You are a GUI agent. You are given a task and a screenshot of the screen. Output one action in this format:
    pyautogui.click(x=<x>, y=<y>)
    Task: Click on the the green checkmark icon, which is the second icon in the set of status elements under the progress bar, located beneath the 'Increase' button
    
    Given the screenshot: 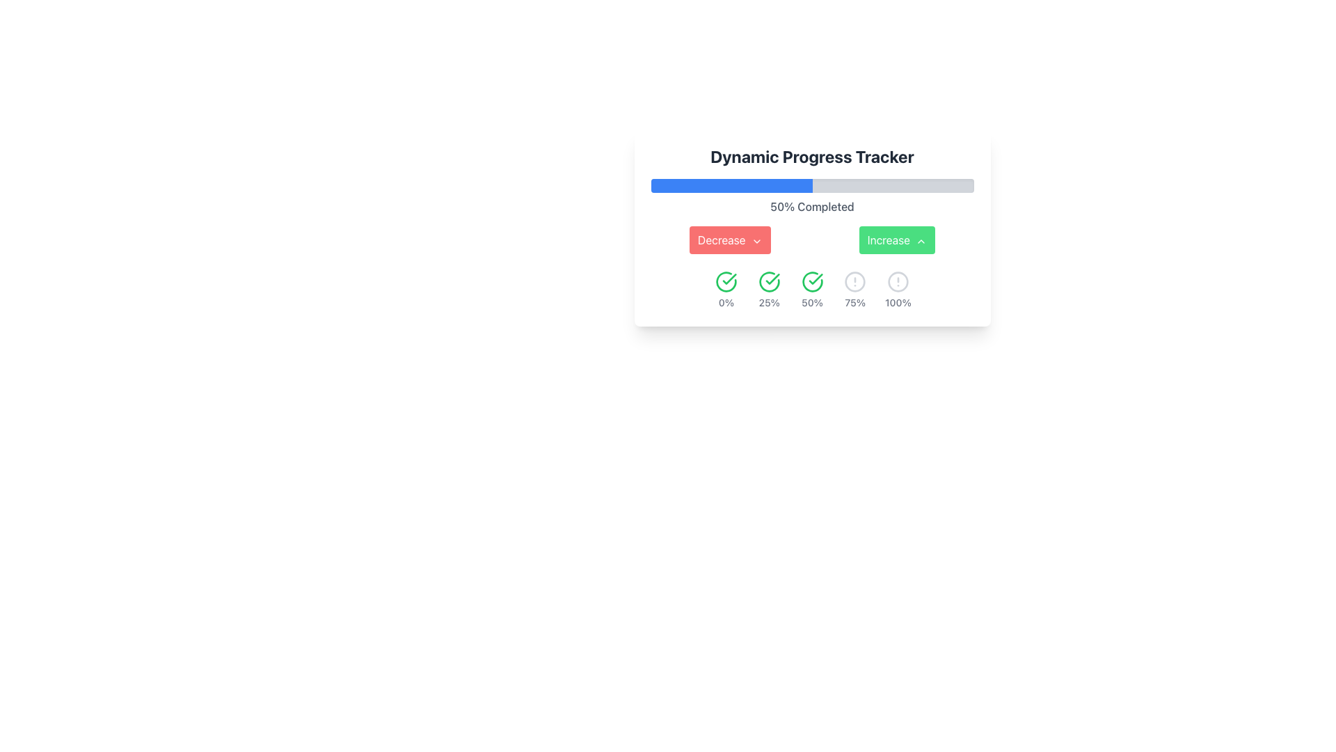 What is the action you would take?
    pyautogui.click(x=729, y=279)
    